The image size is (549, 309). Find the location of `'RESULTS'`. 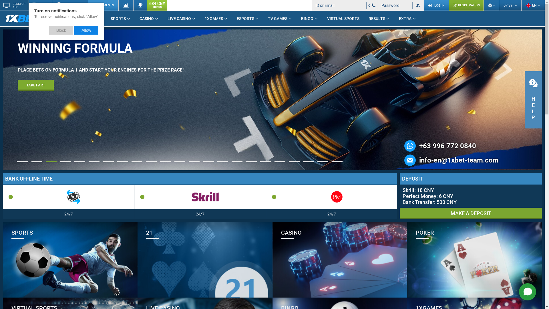

'RESULTS' is located at coordinates (379, 18).